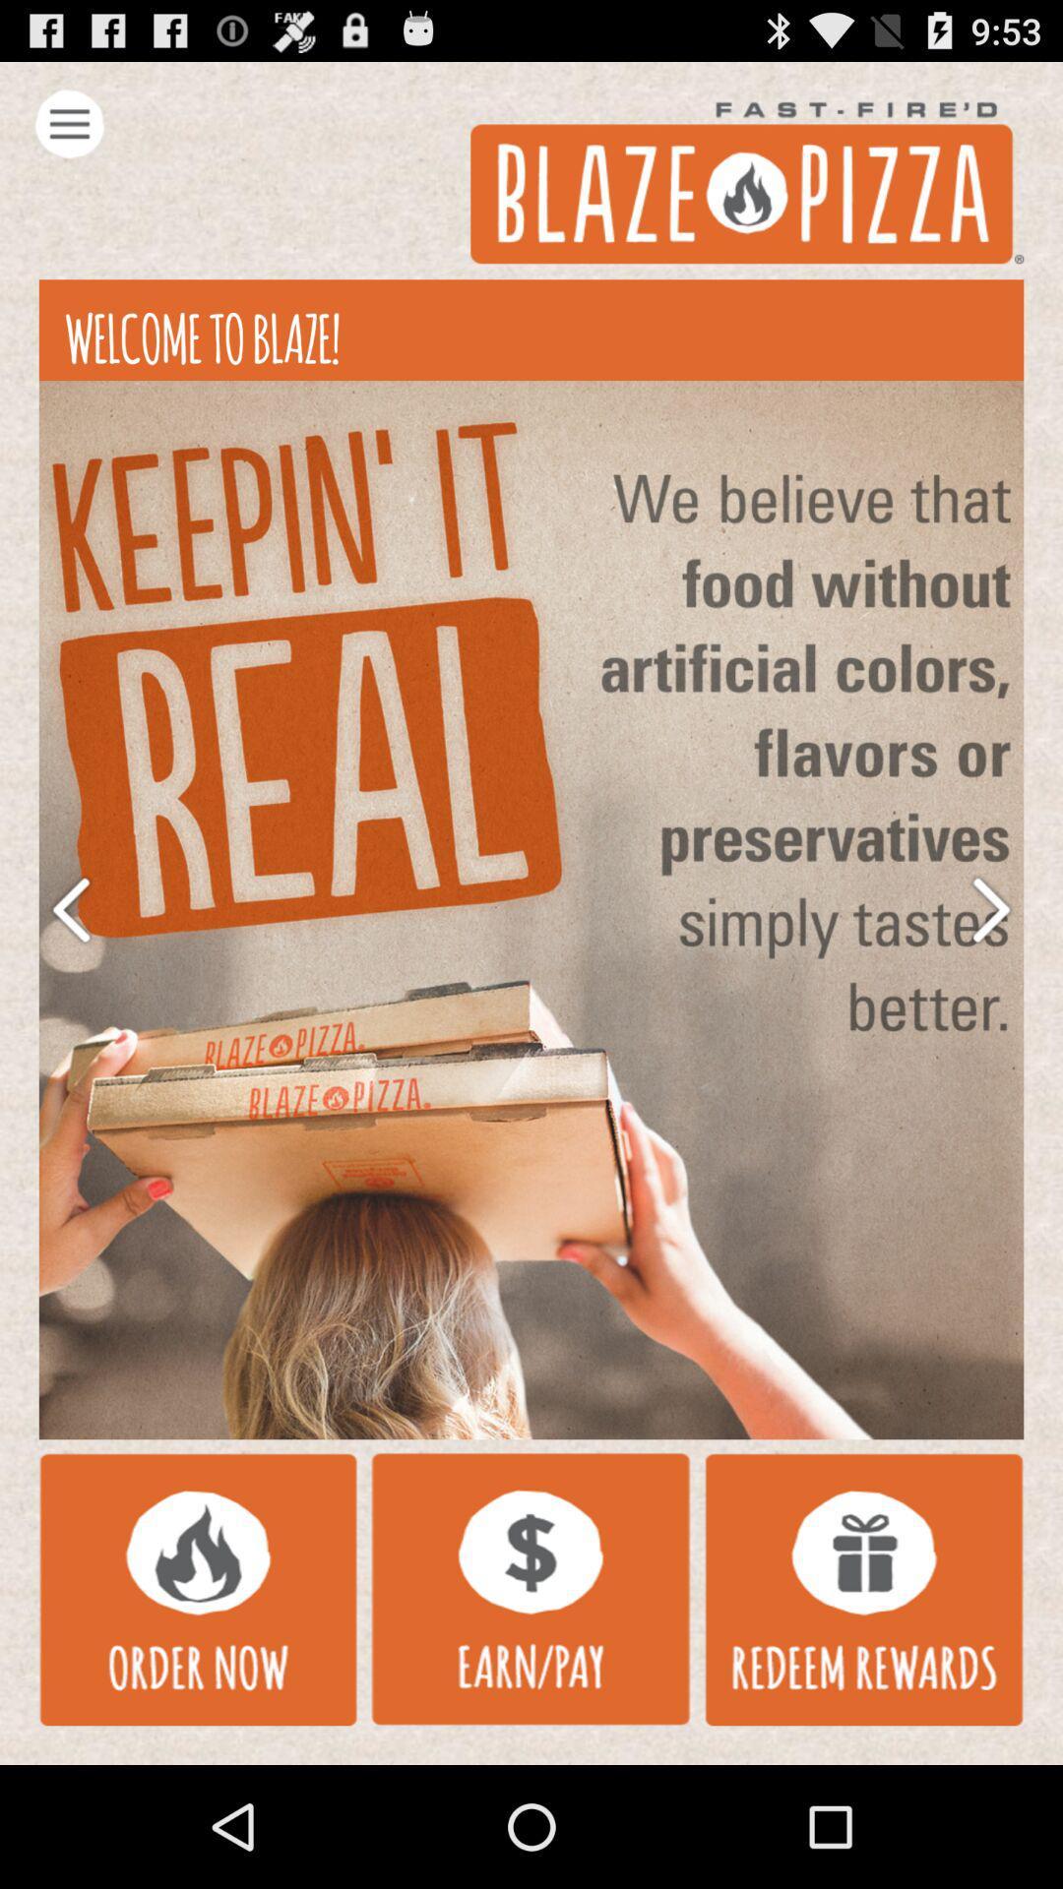 The width and height of the screenshot is (1063, 1889). I want to click on the menu icon, so click(68, 131).